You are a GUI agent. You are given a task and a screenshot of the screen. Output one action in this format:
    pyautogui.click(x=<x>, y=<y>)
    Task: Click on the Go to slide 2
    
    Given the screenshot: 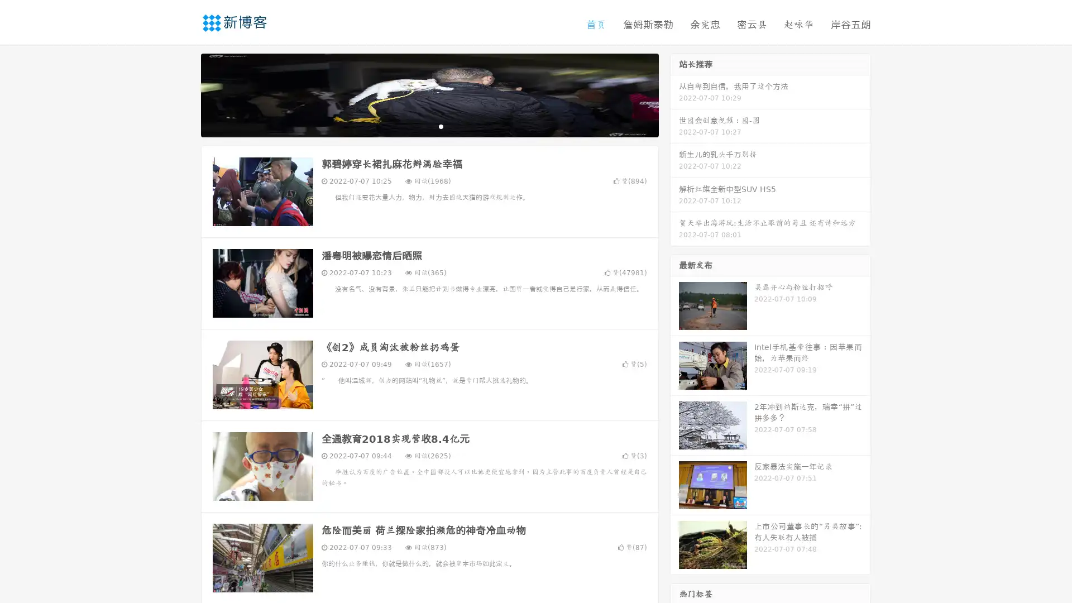 What is the action you would take?
    pyautogui.click(x=429, y=126)
    